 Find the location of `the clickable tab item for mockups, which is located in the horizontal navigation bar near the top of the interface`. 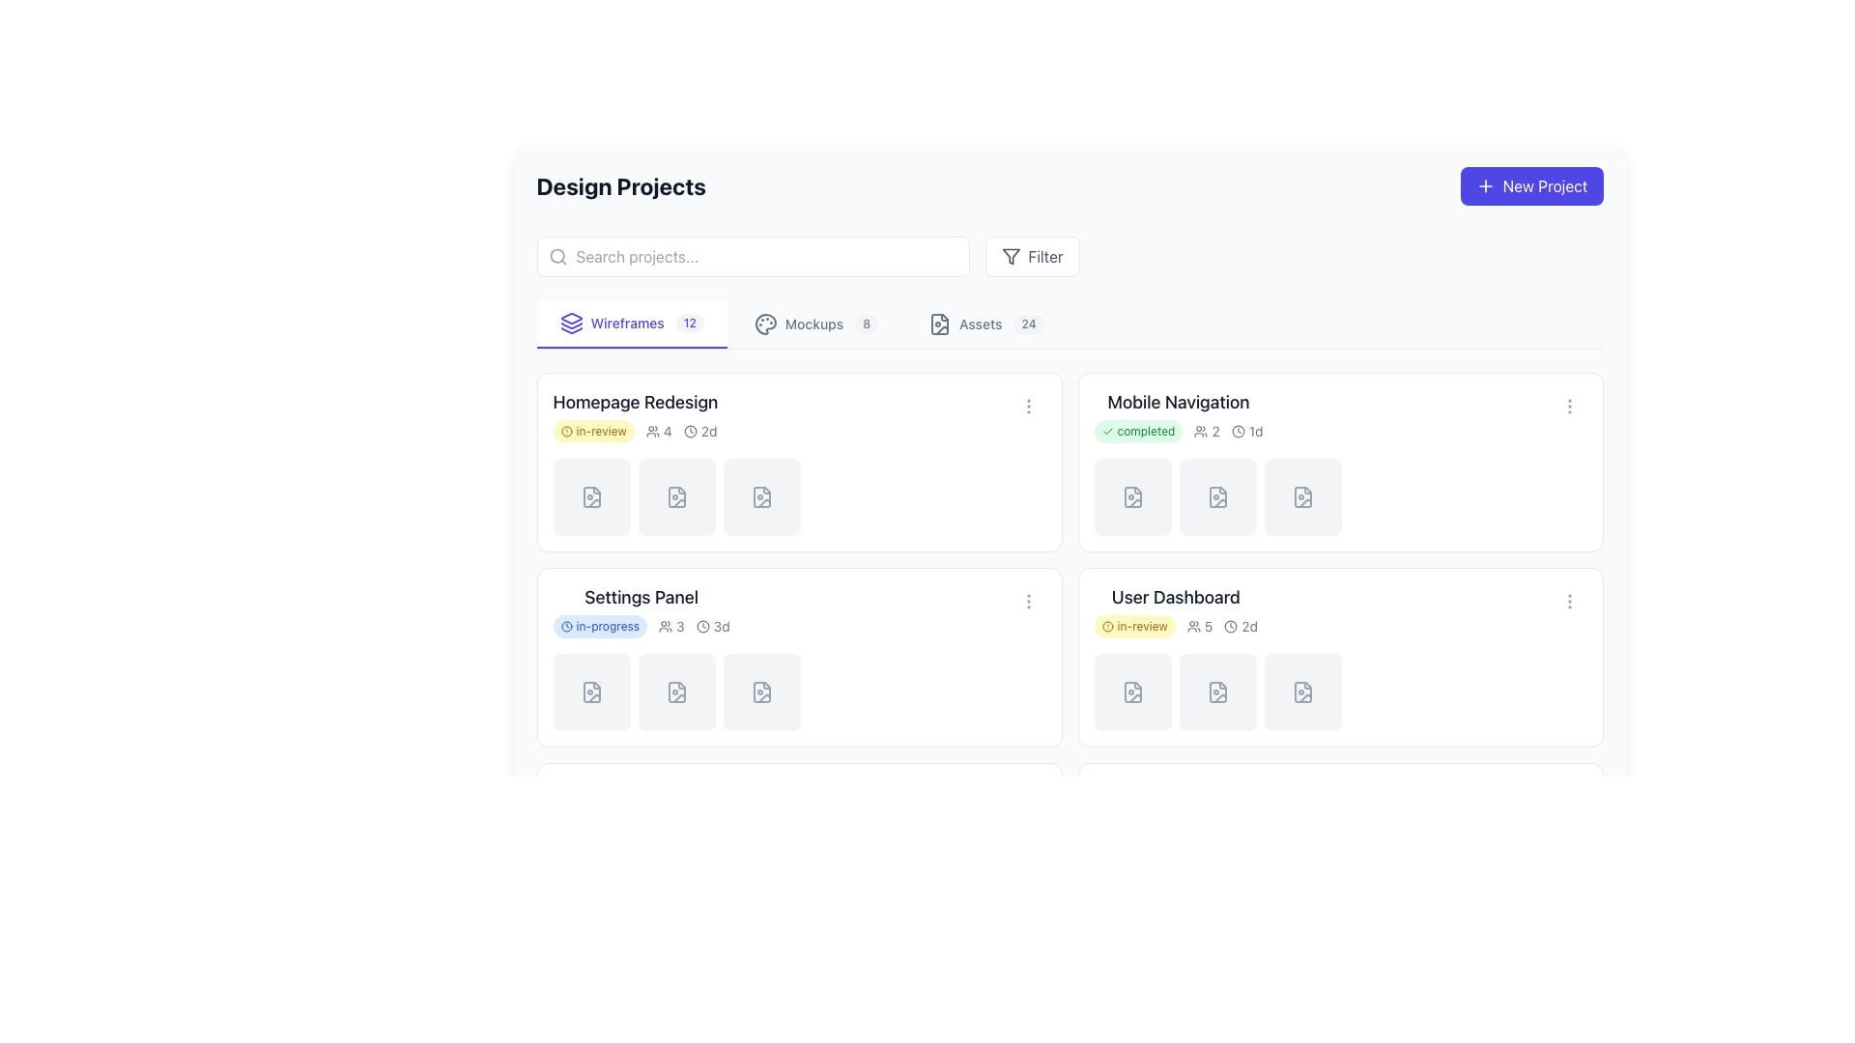

the clickable tab item for mockups, which is located in the horizontal navigation bar near the top of the interface is located at coordinates (815, 323).